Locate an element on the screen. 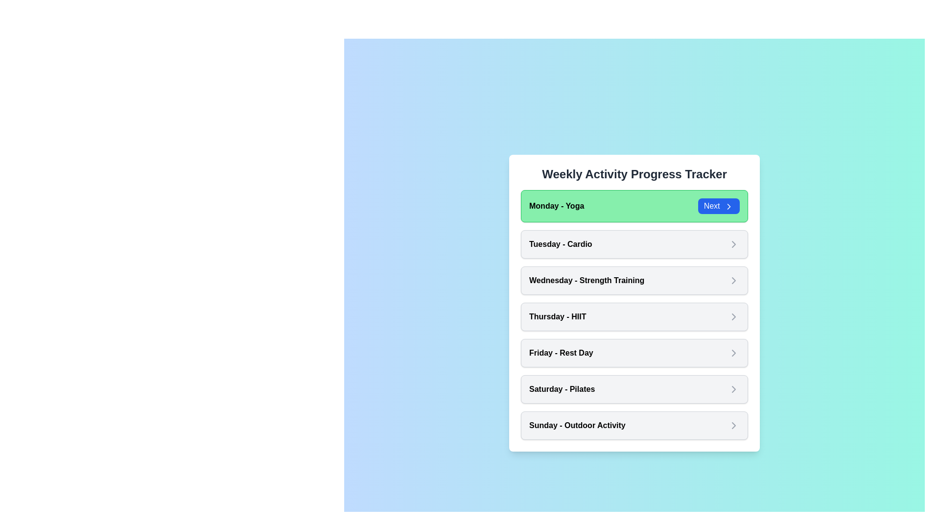  the right-pointing chevron icon associated with the 'Tuesday - Cardio' item is located at coordinates (733, 281).